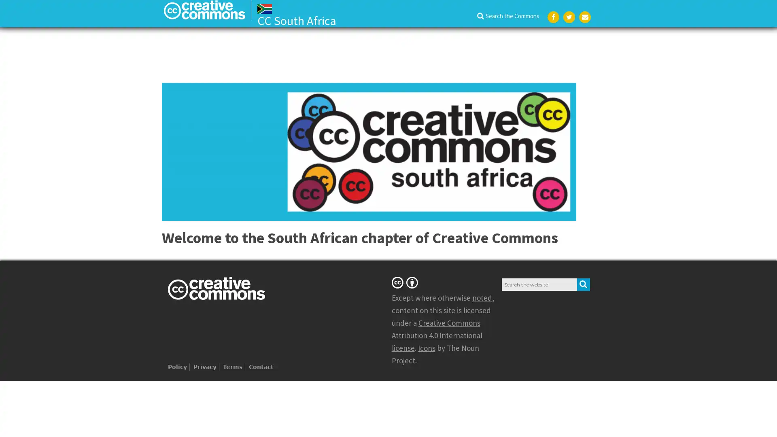 The width and height of the screenshot is (777, 437). Describe the element at coordinates (583, 284) in the screenshot. I see `SEARCH` at that location.